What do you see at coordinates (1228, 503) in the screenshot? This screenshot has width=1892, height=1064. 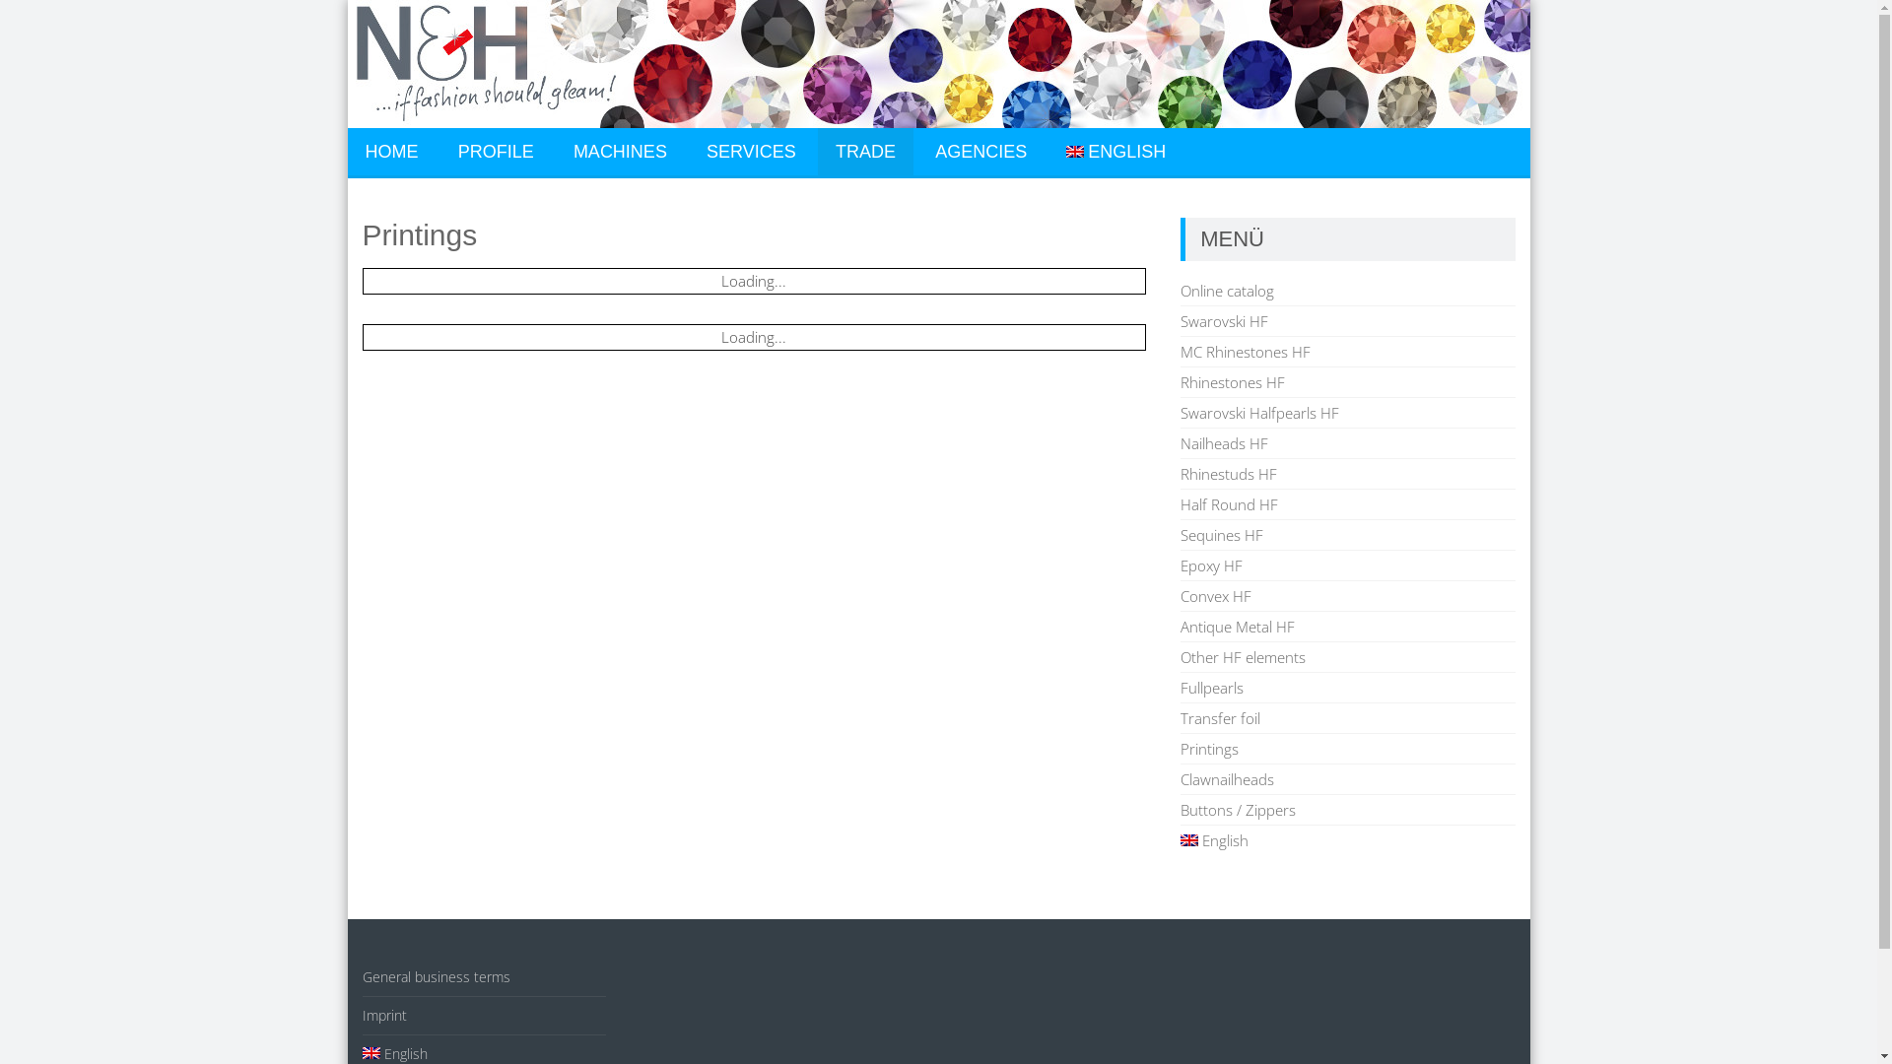 I see `'Half Round HF'` at bounding box center [1228, 503].